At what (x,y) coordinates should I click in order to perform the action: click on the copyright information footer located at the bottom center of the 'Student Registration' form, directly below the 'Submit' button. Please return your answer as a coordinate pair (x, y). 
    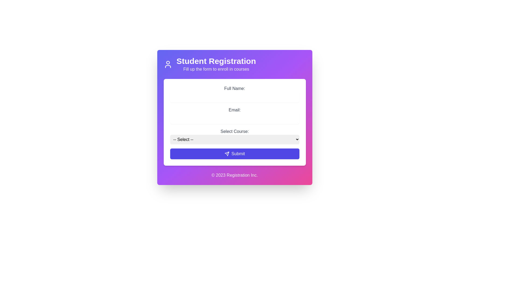
    Looking at the image, I should click on (235, 172).